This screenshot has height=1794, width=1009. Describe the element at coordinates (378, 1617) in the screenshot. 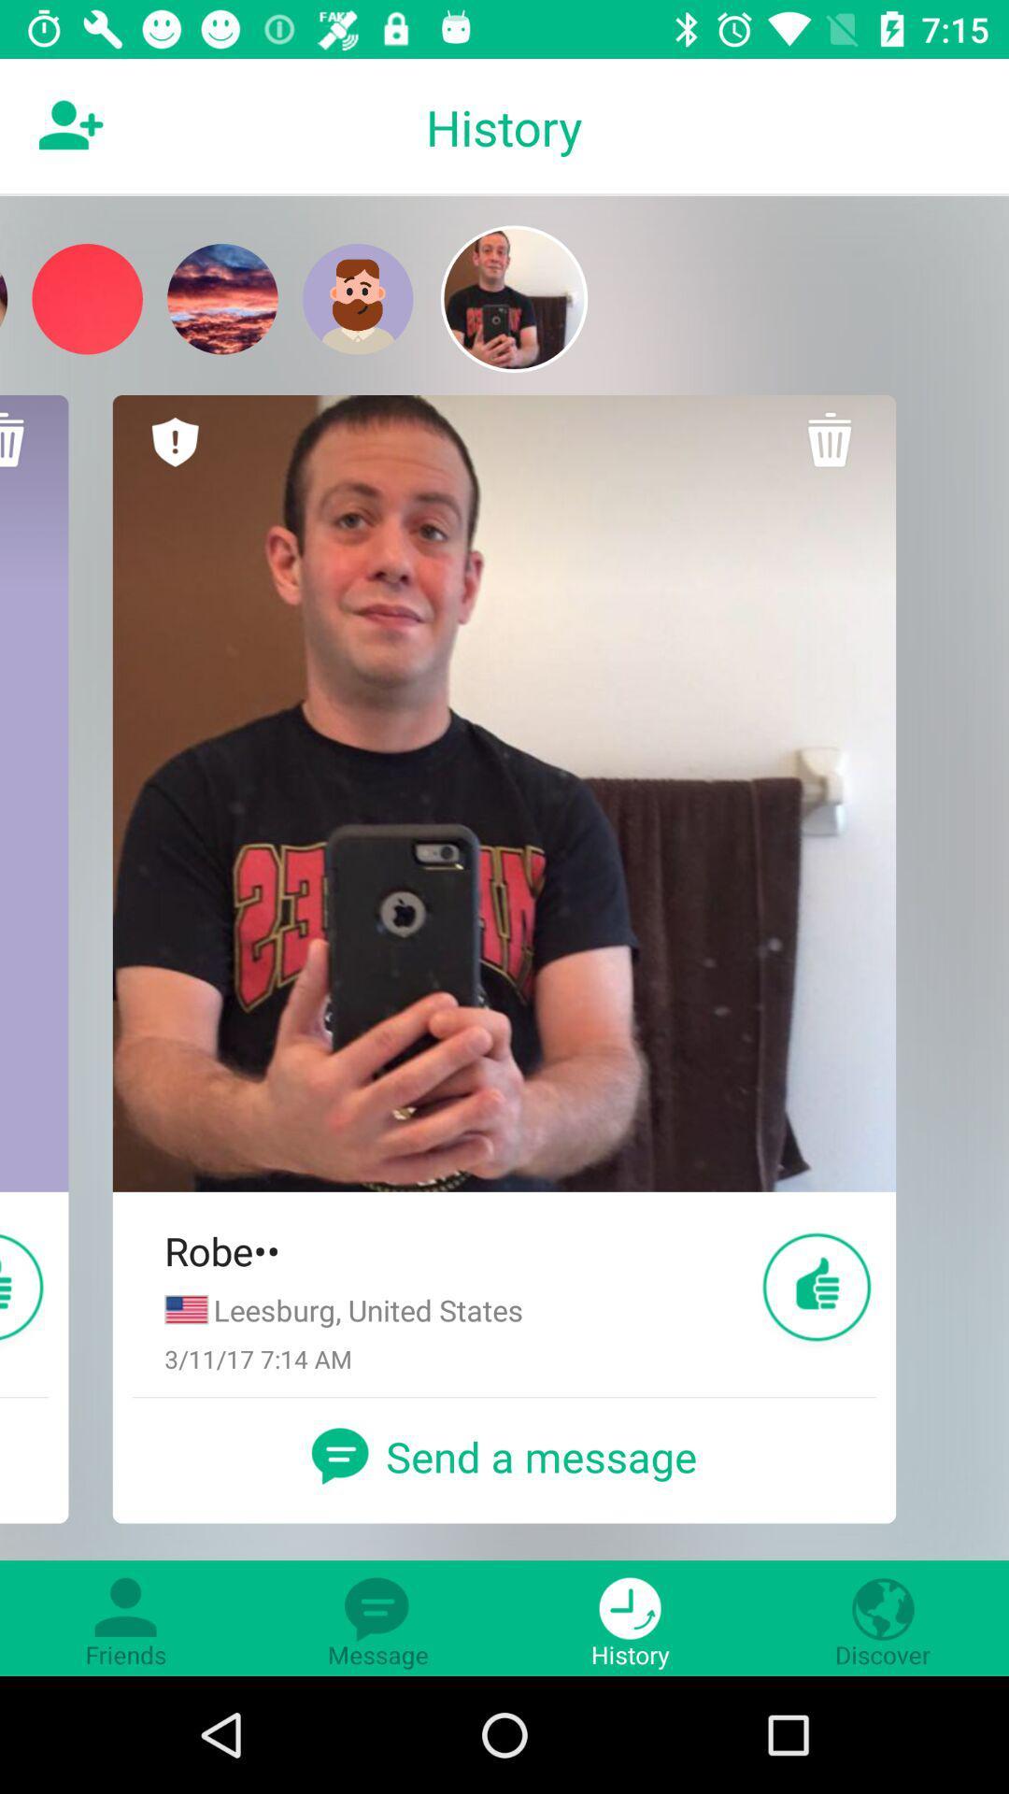

I see `second option at bottom` at that location.